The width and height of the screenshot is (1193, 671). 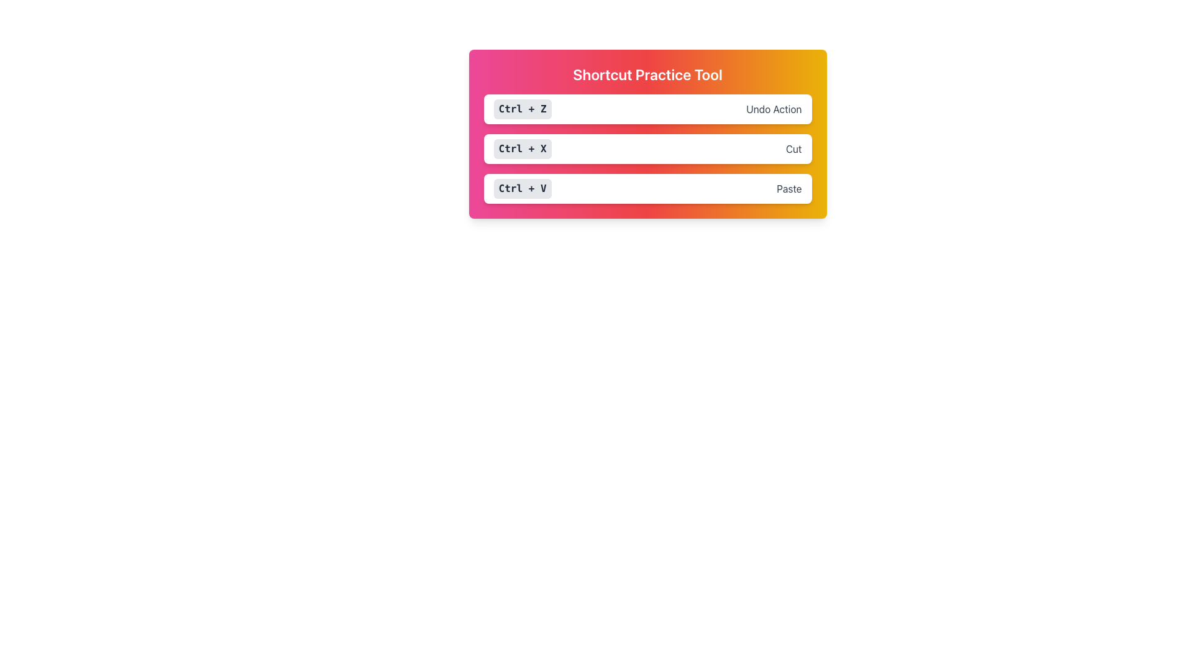 I want to click on the static label displaying the keyboard shortcut 'Ctrl + V' in the third row of keyboard shortcuts, so click(x=522, y=189).